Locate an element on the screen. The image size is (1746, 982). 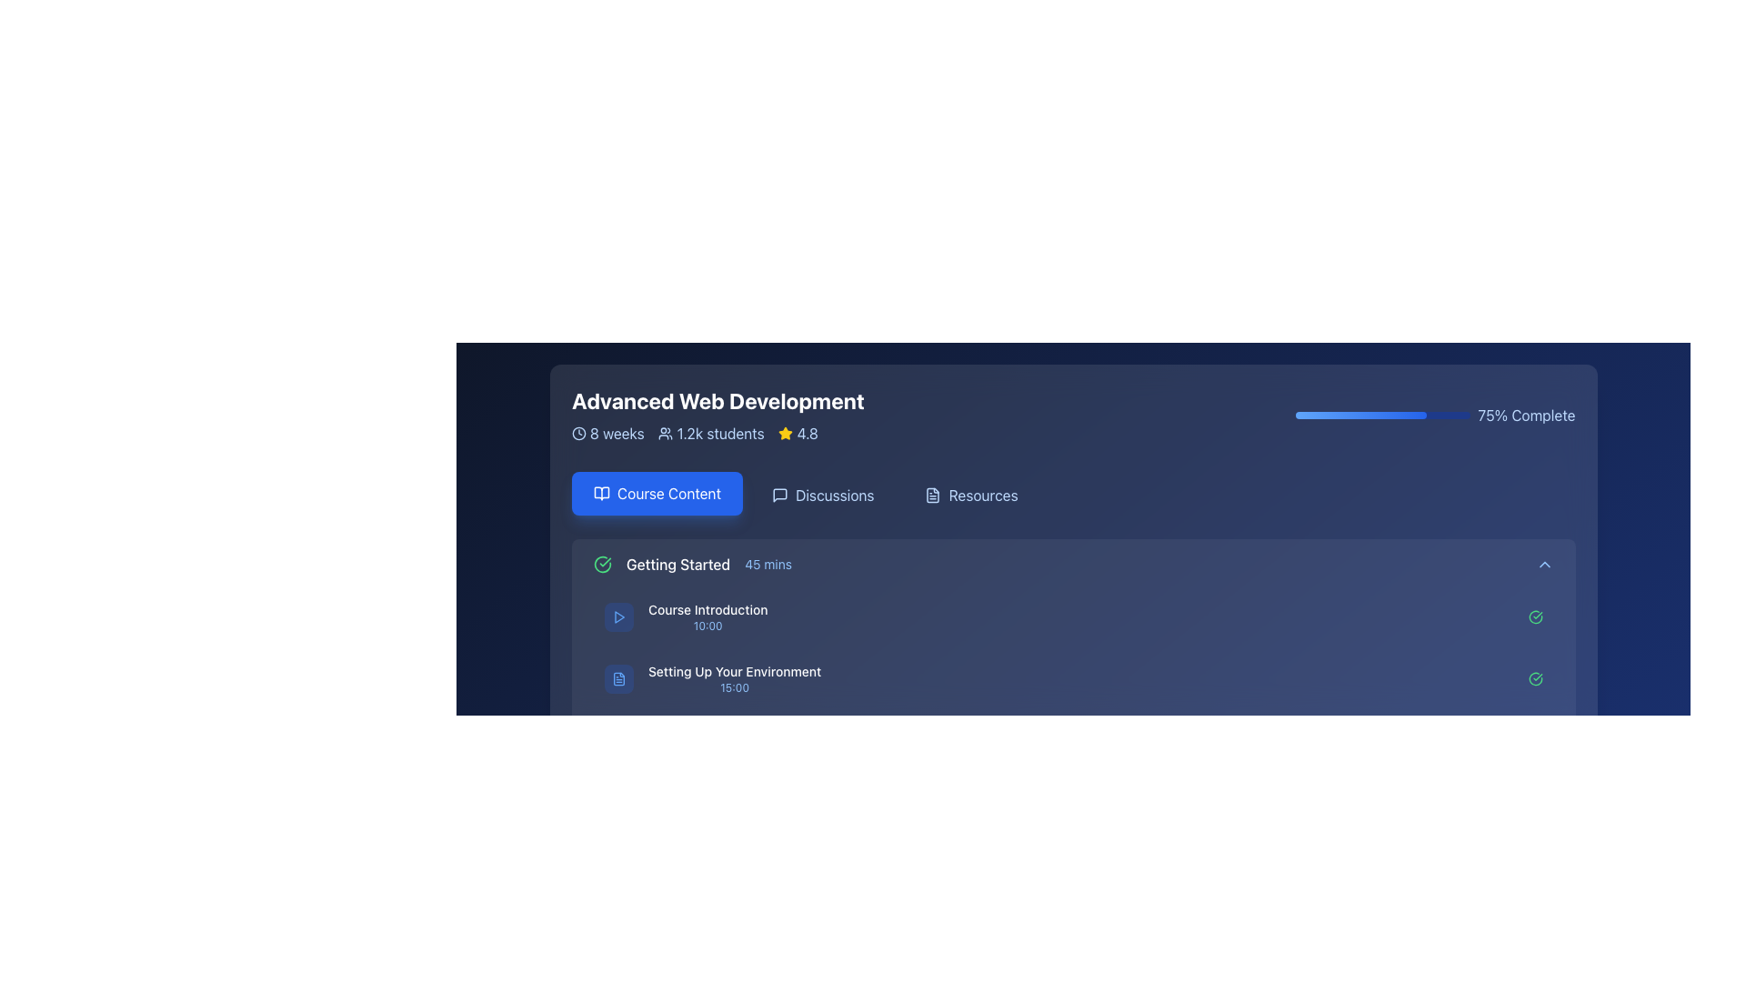
the List item representing the course module titled 'Setting Up Your Environment', which displays the time '15:00' and is styled with white and blue fonts is located at coordinates (711, 679).